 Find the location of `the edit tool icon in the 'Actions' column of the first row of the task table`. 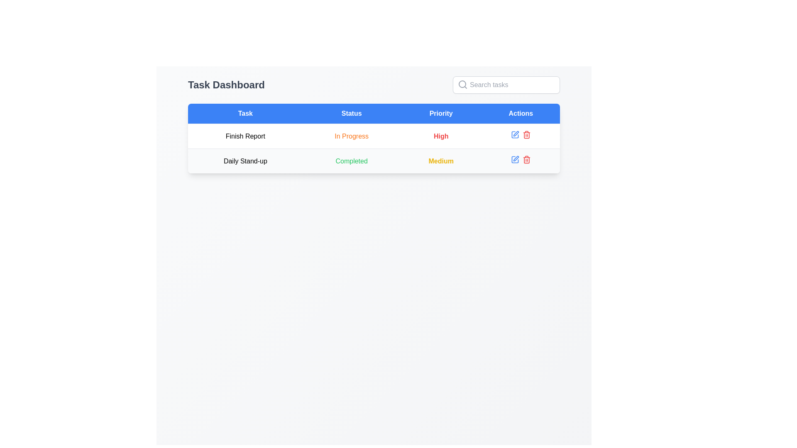

the edit tool icon in the 'Actions' column of the first row of the task table is located at coordinates (514, 134).